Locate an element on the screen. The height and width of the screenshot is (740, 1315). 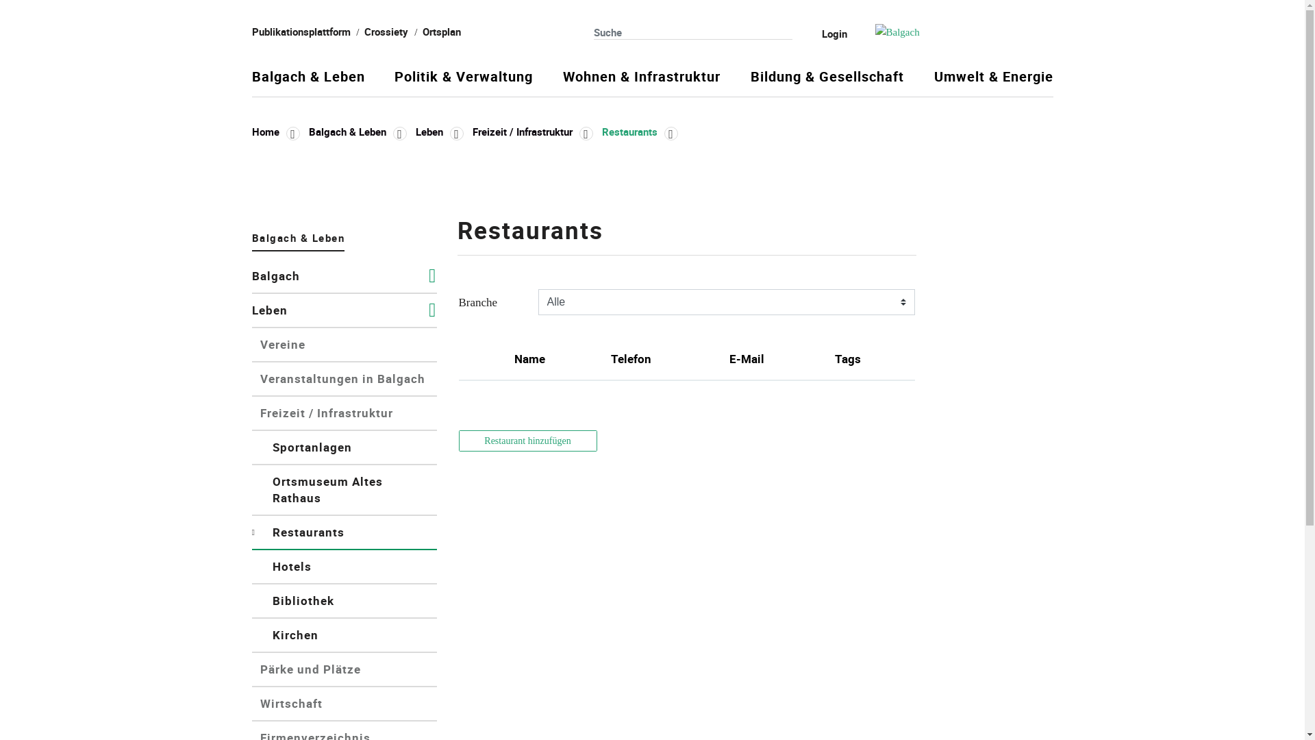
'Ortsplan' is located at coordinates (422, 31).